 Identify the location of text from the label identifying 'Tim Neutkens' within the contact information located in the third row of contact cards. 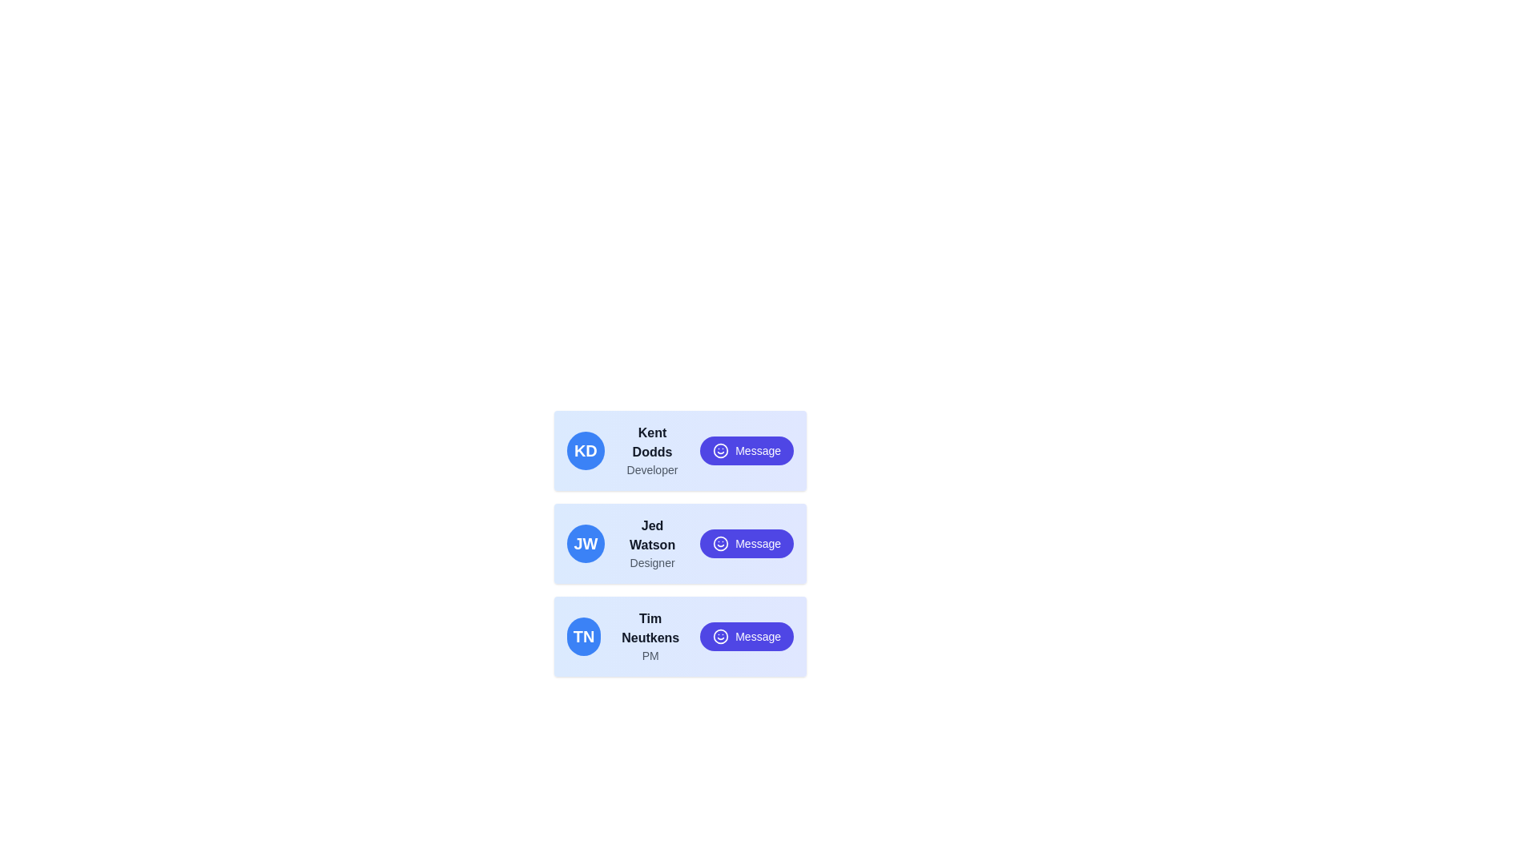
(650, 628).